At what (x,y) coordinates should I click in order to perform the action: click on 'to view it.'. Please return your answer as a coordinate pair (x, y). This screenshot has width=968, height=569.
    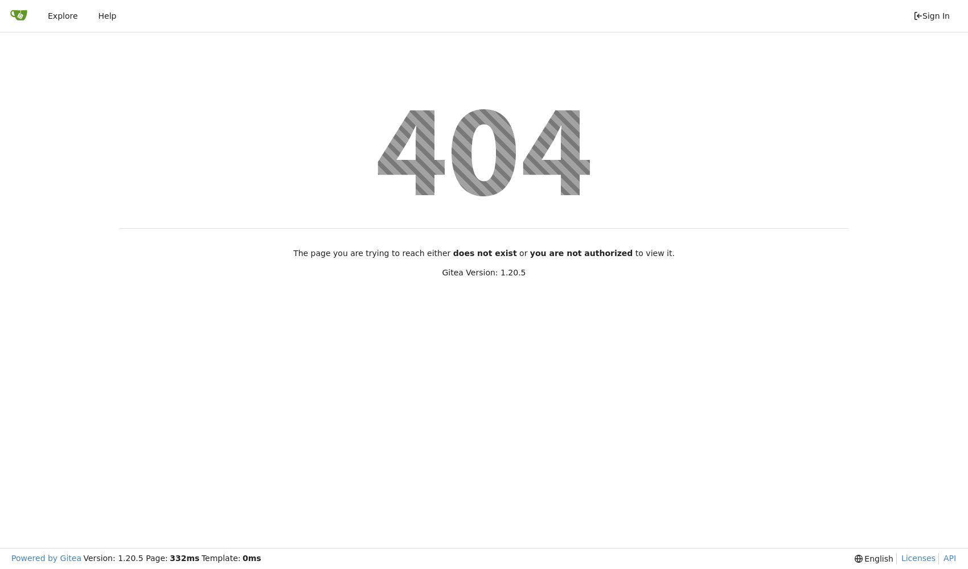
    Looking at the image, I should click on (653, 253).